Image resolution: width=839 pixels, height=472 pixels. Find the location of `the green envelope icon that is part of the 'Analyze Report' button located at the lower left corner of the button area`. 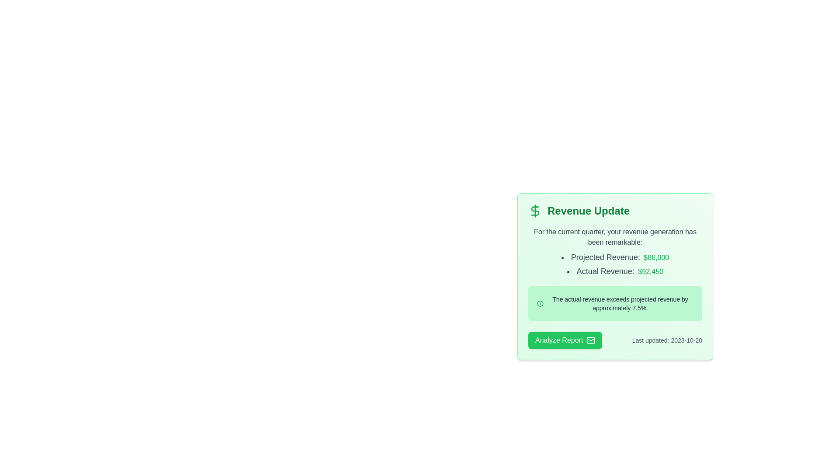

the green envelope icon that is part of the 'Analyze Report' button located at the lower left corner of the button area is located at coordinates (591, 340).